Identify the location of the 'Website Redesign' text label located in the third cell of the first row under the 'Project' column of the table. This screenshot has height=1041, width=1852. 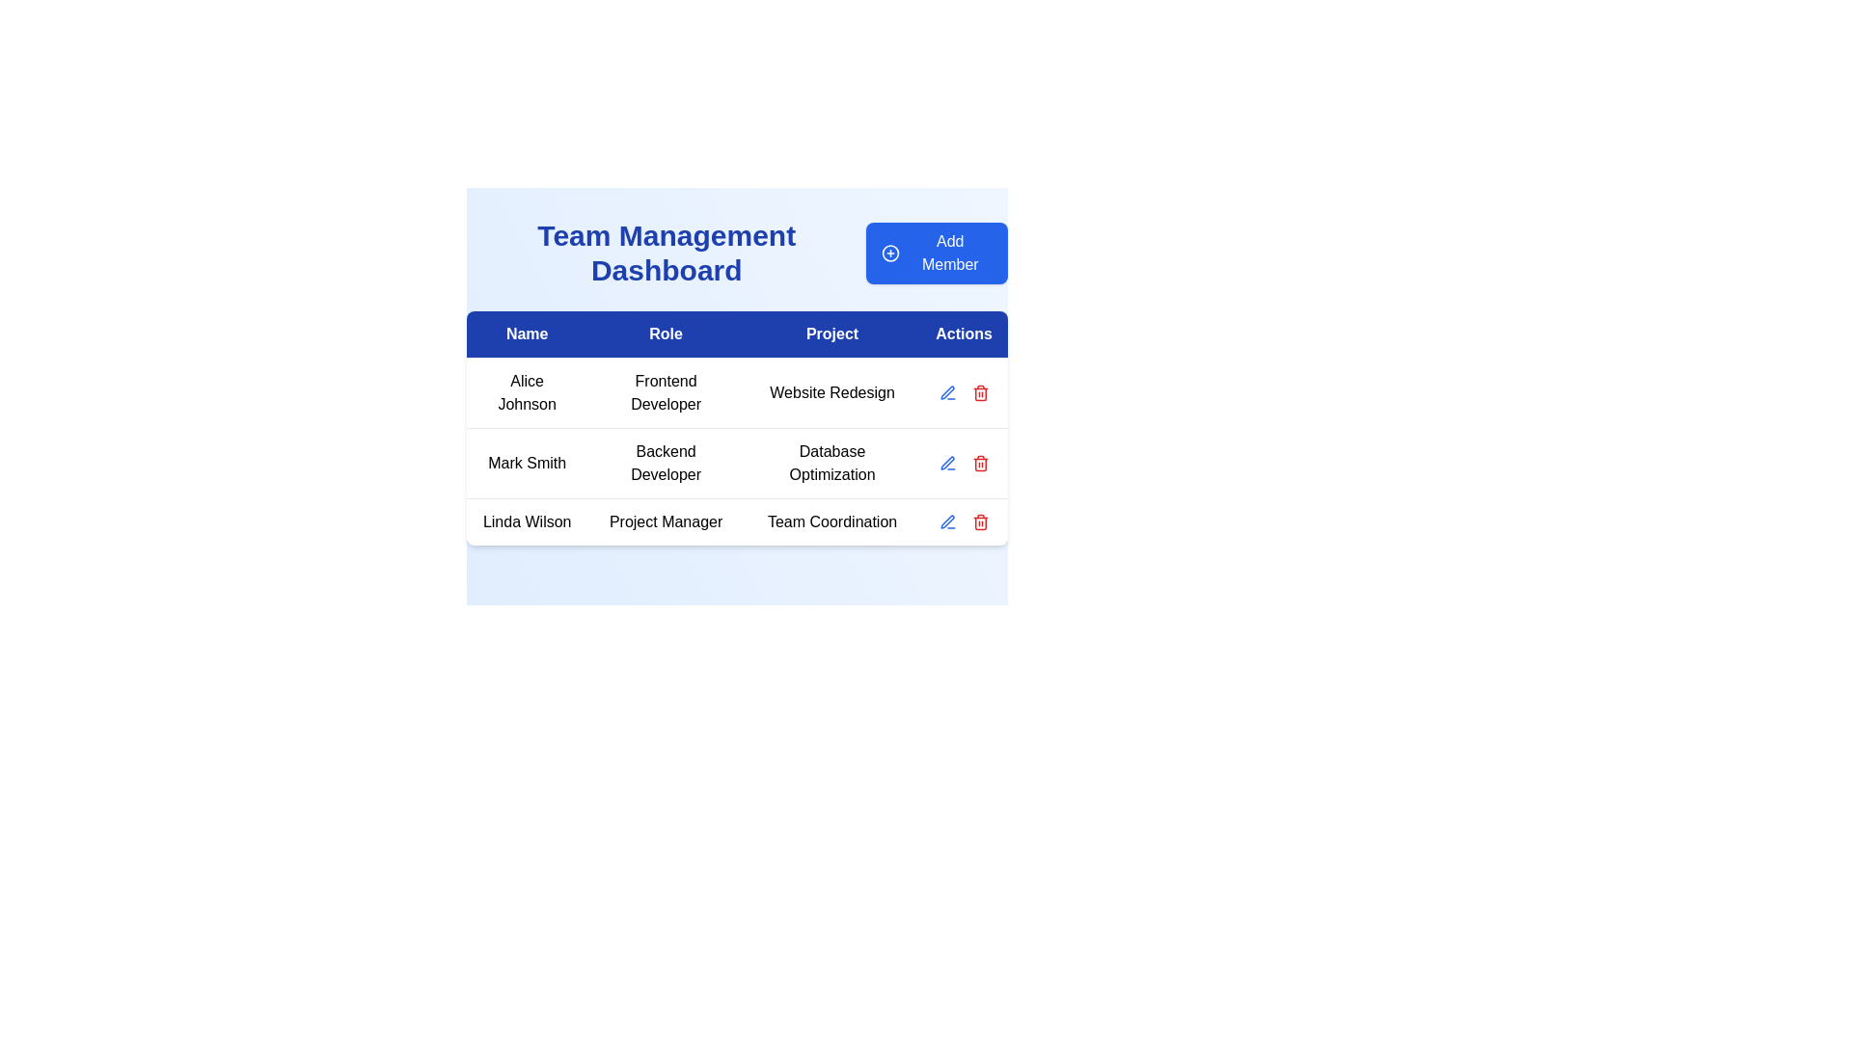
(832, 392).